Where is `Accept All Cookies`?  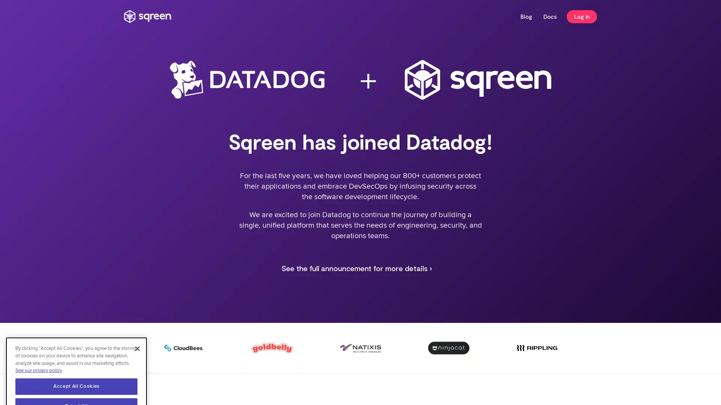 Accept All Cookies is located at coordinates (76, 357).